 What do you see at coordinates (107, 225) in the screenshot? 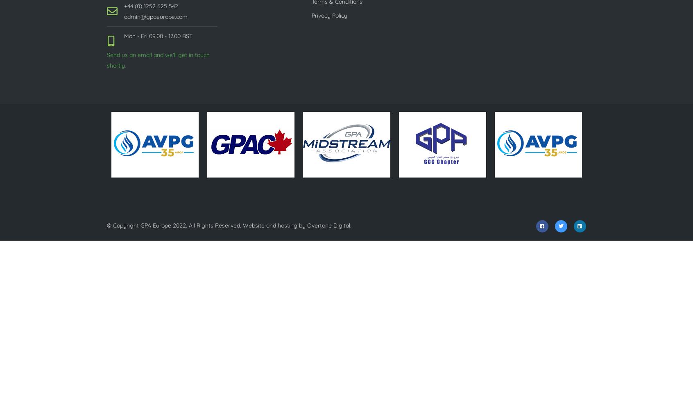
I see `'© Copyright'` at bounding box center [107, 225].